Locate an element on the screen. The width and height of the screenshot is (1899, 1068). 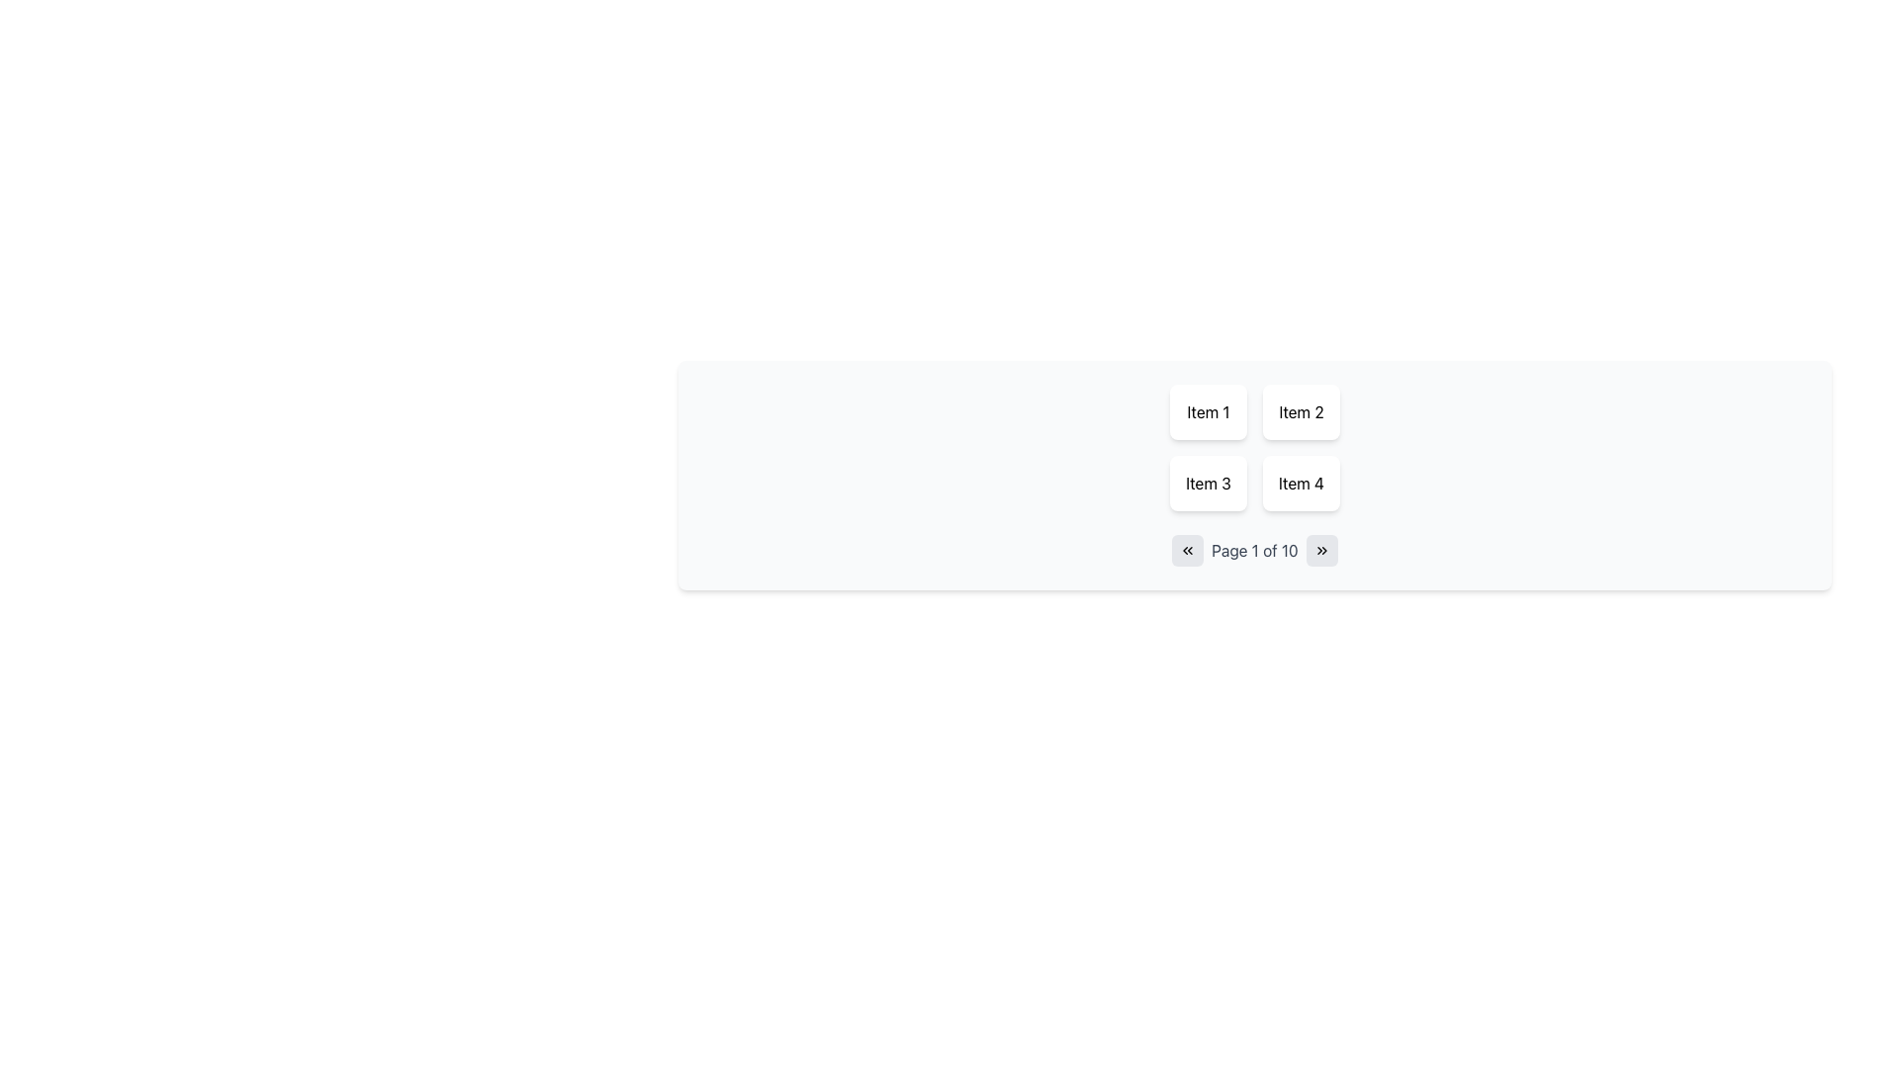
the card-style block displaying 'Item 1' located in the top-left corner of the grid layout is located at coordinates (1208, 410).